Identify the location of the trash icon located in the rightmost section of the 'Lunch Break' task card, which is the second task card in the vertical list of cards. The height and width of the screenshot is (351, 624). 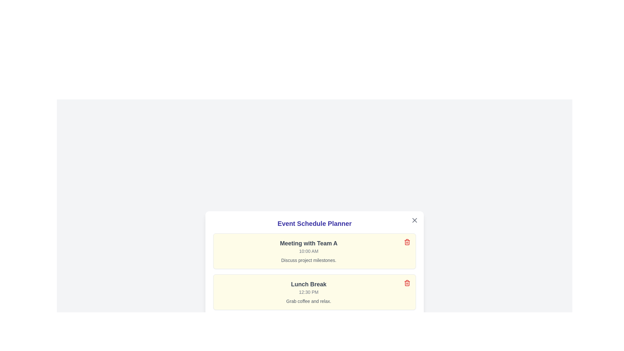
(407, 283).